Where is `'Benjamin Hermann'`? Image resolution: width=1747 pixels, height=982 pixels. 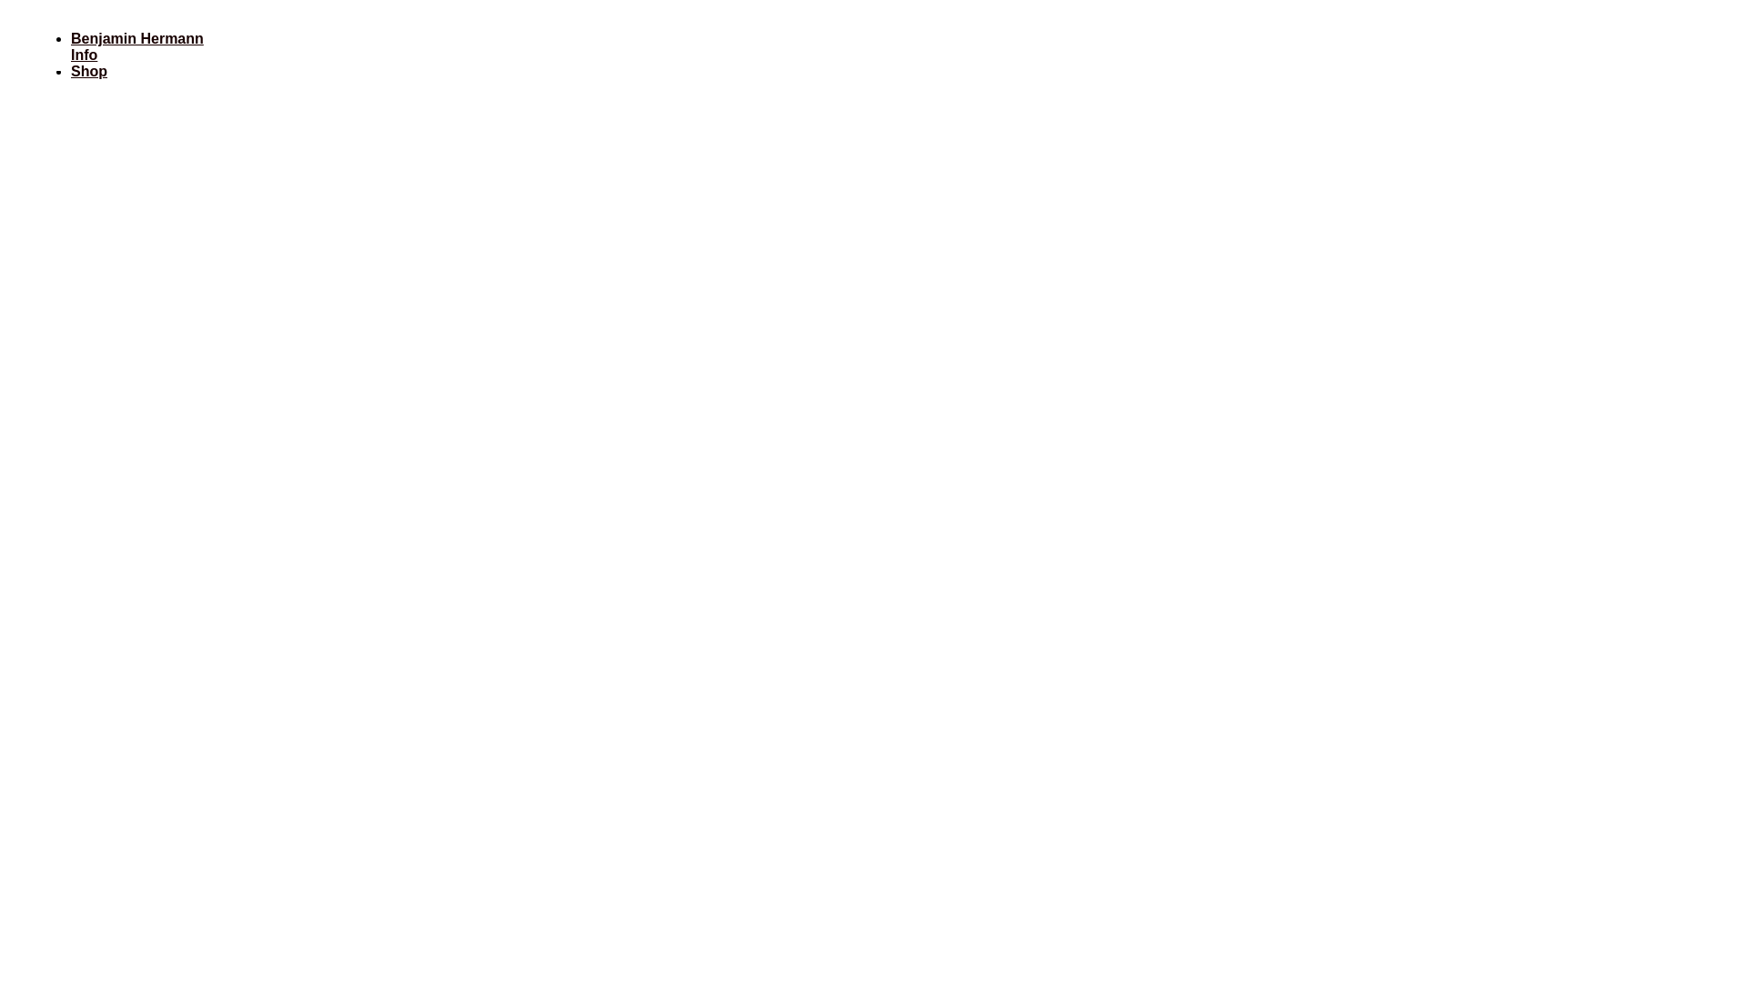 'Benjamin Hermann' is located at coordinates (70, 38).